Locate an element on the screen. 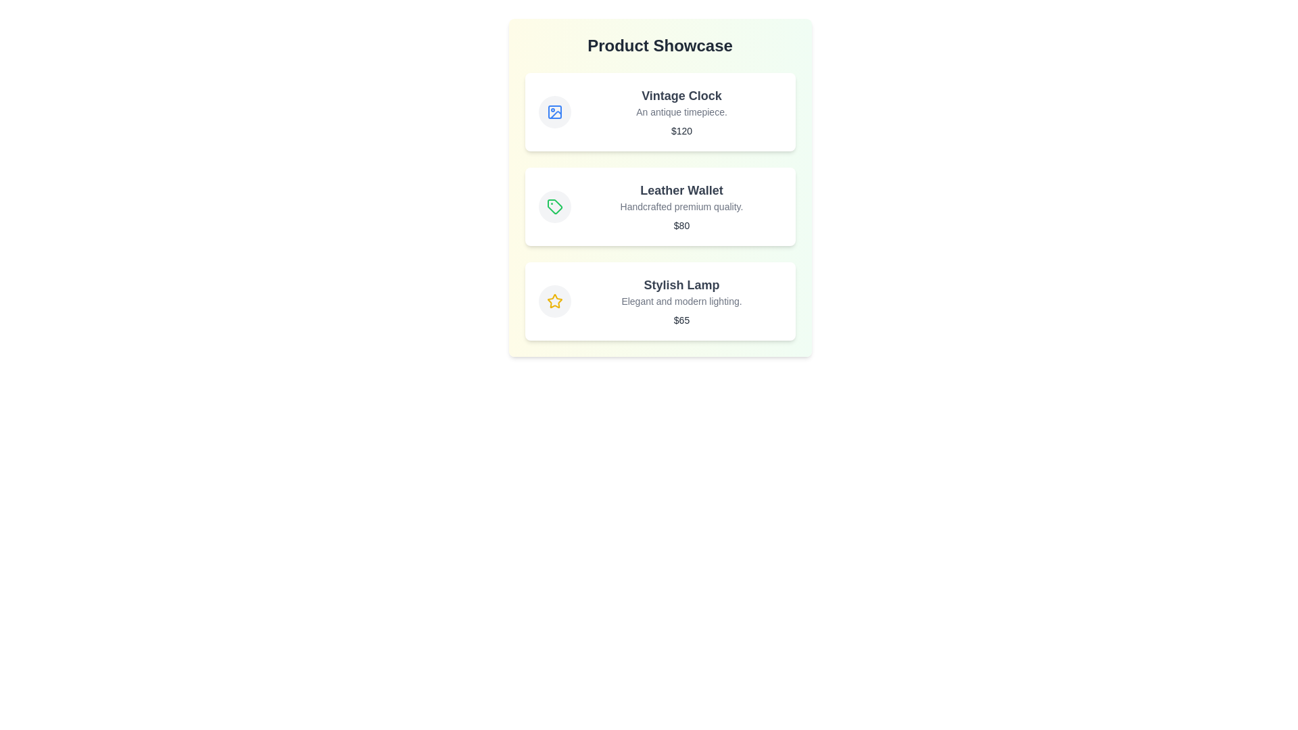  the product card corresponding to Leather Wallet is located at coordinates (660, 206).